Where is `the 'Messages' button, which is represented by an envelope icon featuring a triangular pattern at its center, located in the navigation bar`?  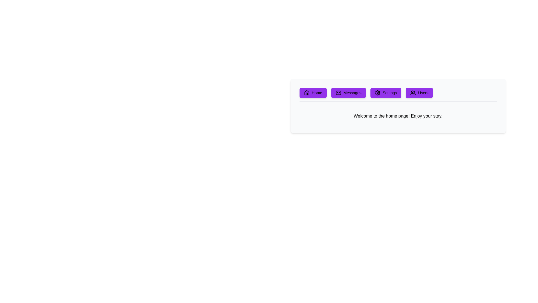
the 'Messages' button, which is represented by an envelope icon featuring a triangular pattern at its center, located in the navigation bar is located at coordinates (338, 92).